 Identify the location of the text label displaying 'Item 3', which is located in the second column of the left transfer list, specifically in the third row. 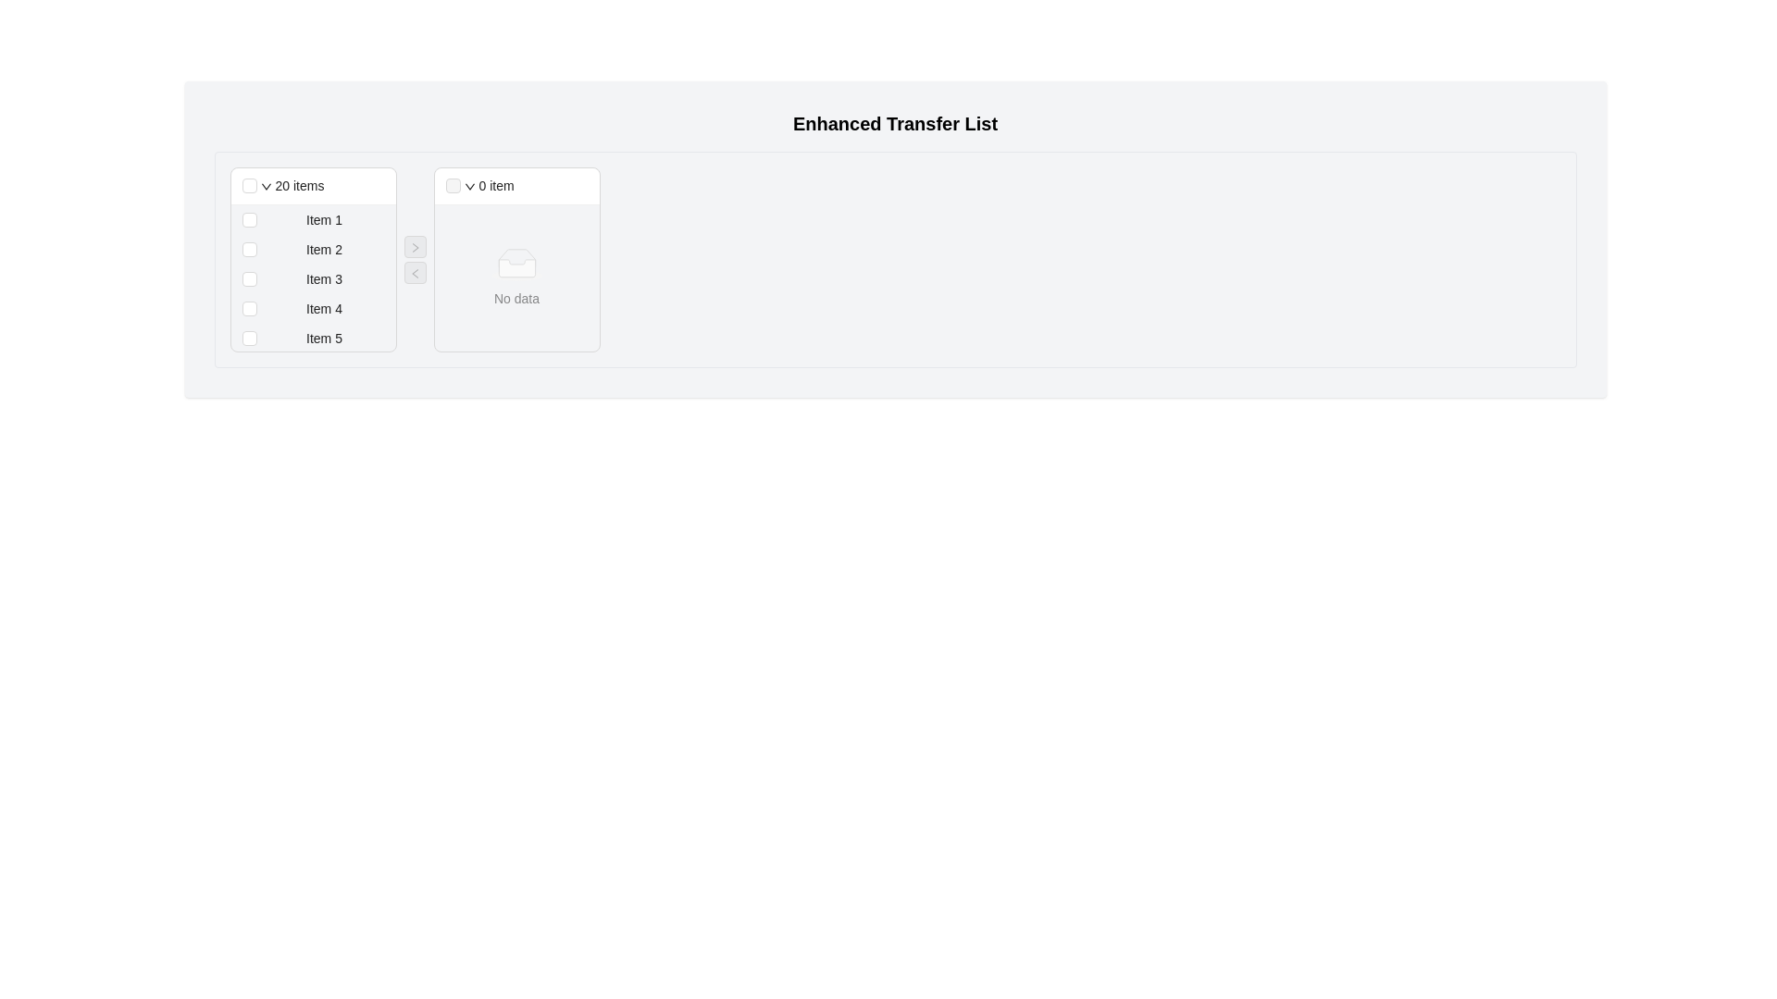
(324, 278).